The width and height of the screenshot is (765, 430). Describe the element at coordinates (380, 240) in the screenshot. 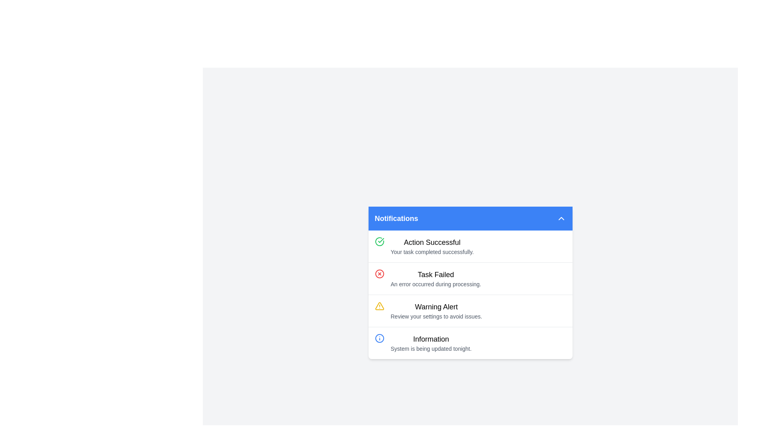

I see `the checkmark icon located within a circular icon to the left of the text 'Action Successful' in the first notification card under the Notifications section` at that location.